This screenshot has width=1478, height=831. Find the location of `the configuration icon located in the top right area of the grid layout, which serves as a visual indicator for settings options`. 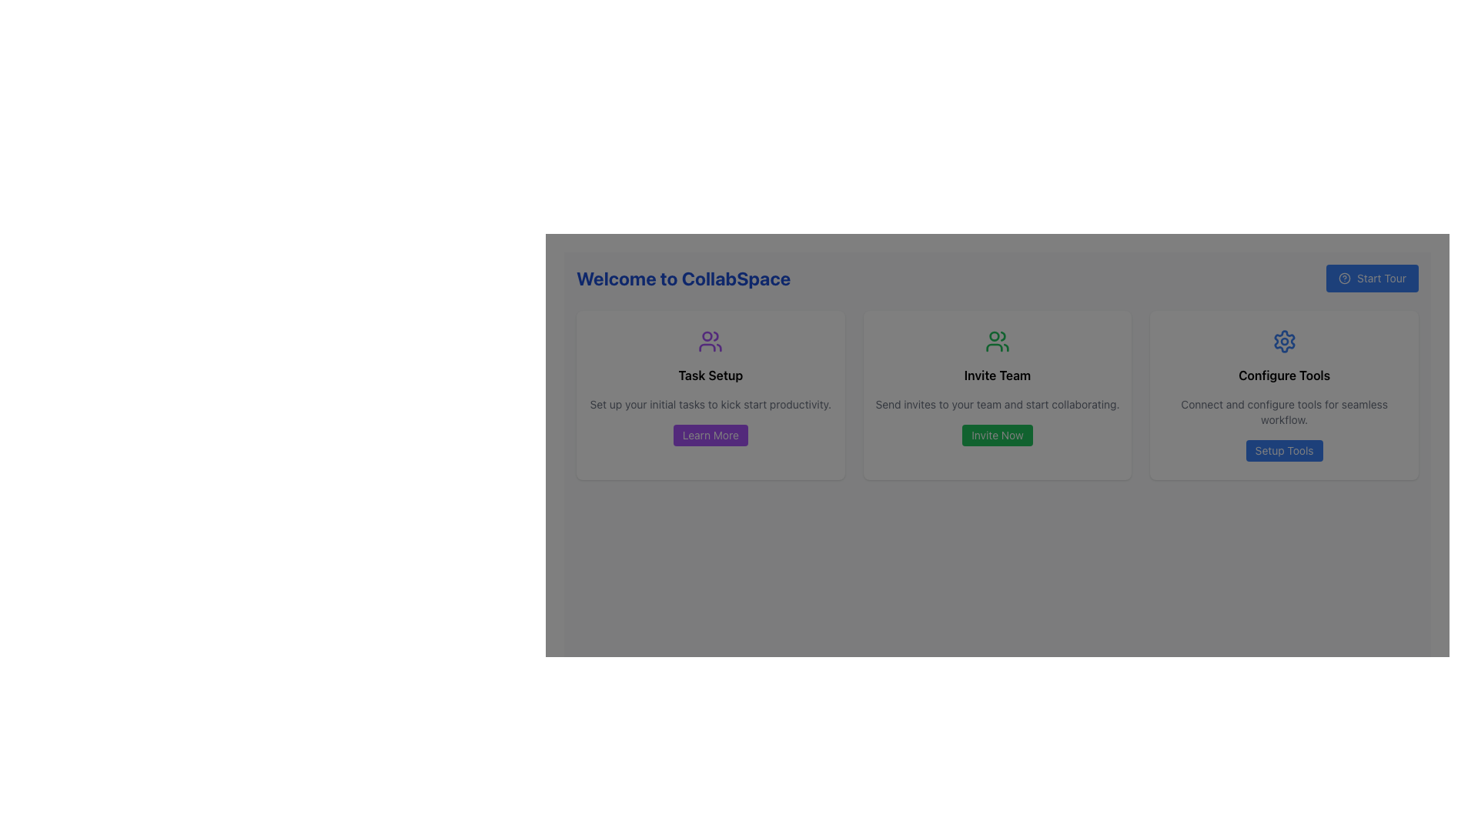

the configuration icon located in the top right area of the grid layout, which serves as a visual indicator for settings options is located at coordinates (1284, 340).